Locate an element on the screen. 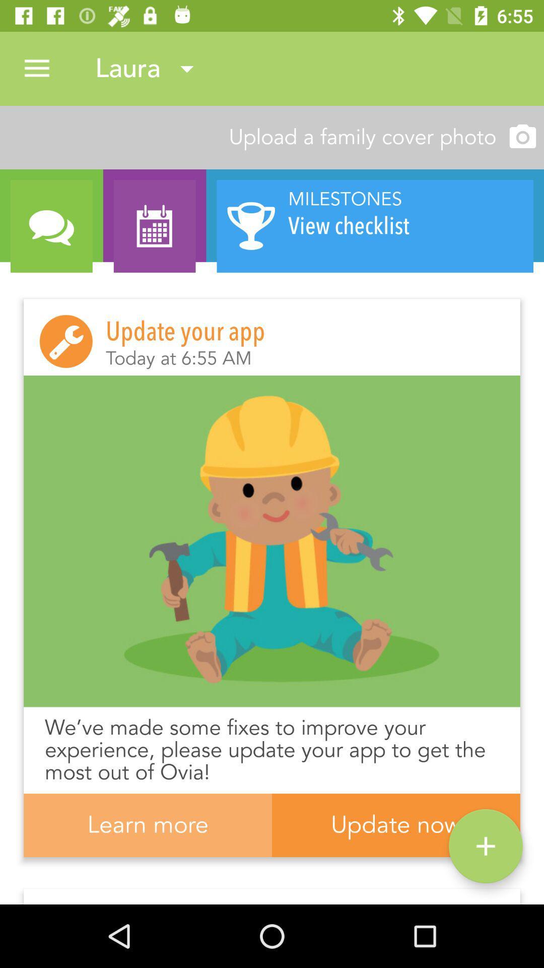 The height and width of the screenshot is (968, 544). the icon next to laura is located at coordinates (36, 68).